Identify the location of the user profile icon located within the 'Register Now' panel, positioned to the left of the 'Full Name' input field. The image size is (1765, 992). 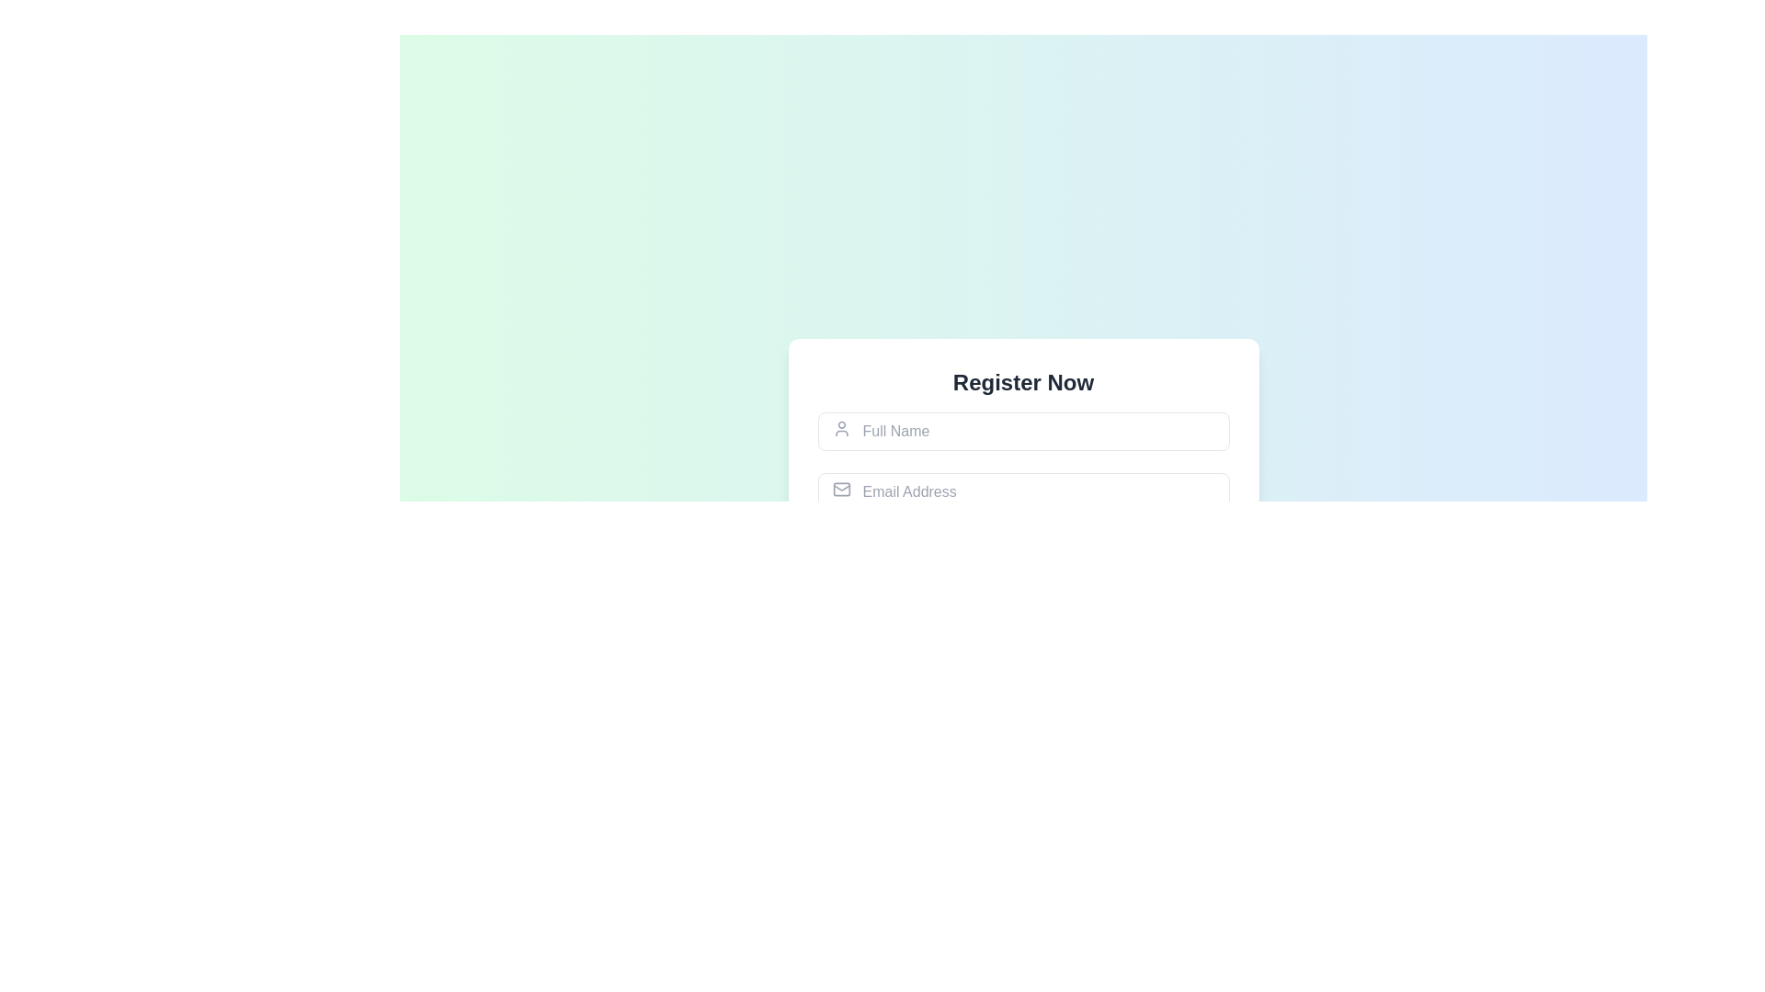
(840, 428).